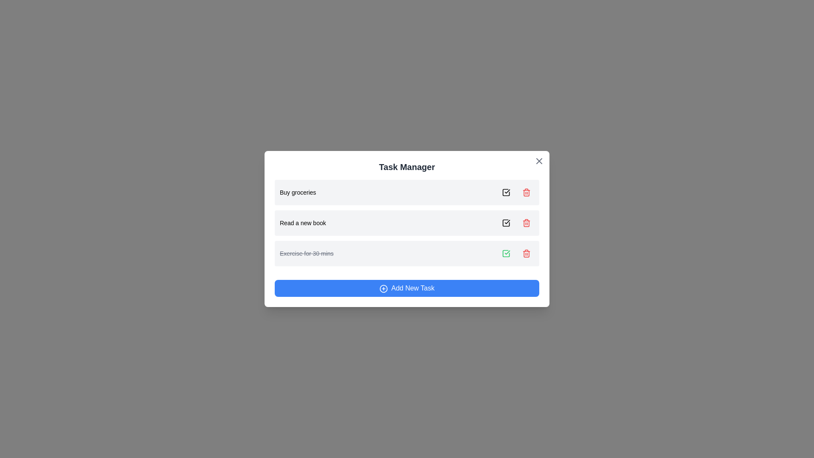  What do you see at coordinates (526, 222) in the screenshot?
I see `the delete icon located to the right of the checkbox for the task labeled 'Read a new book' in the Task Manager modal` at bounding box center [526, 222].